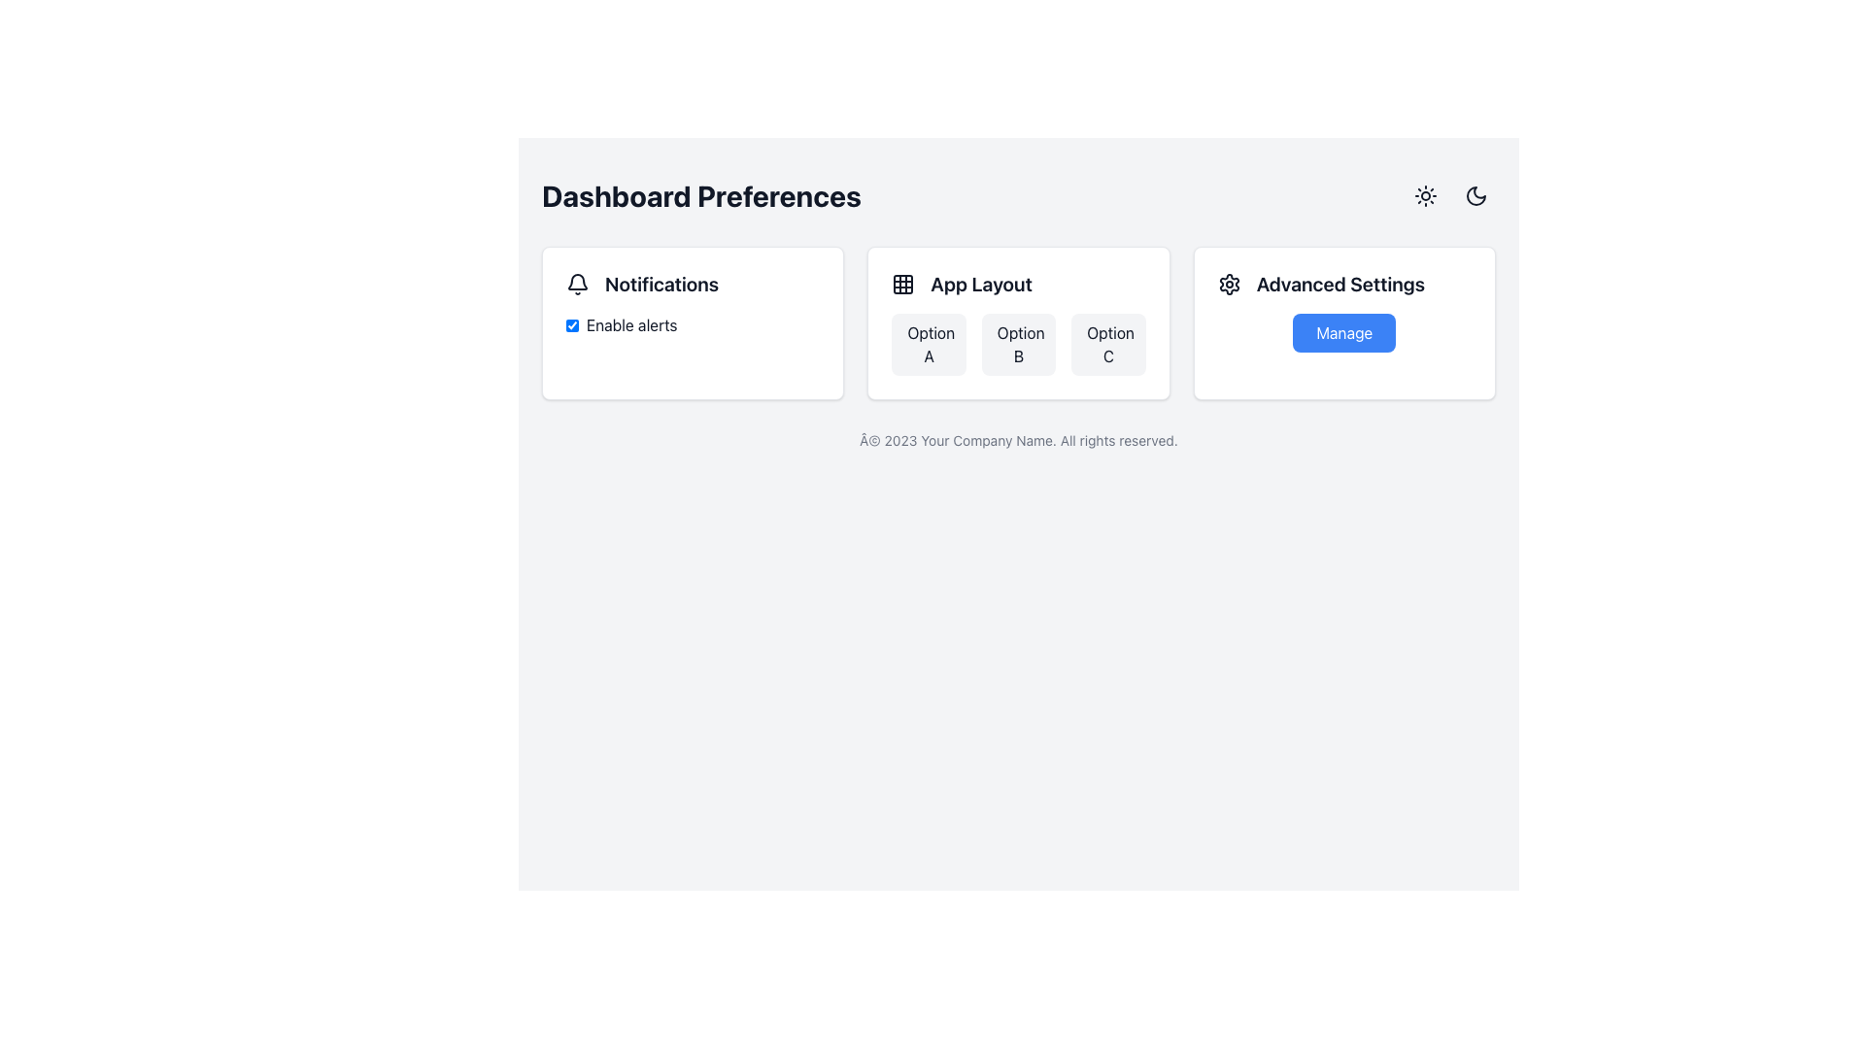  I want to click on the blue 'Manage' button located below the 'Advanced Settings' heading on the rightmost card in a three-column grid layout, so click(1343, 321).